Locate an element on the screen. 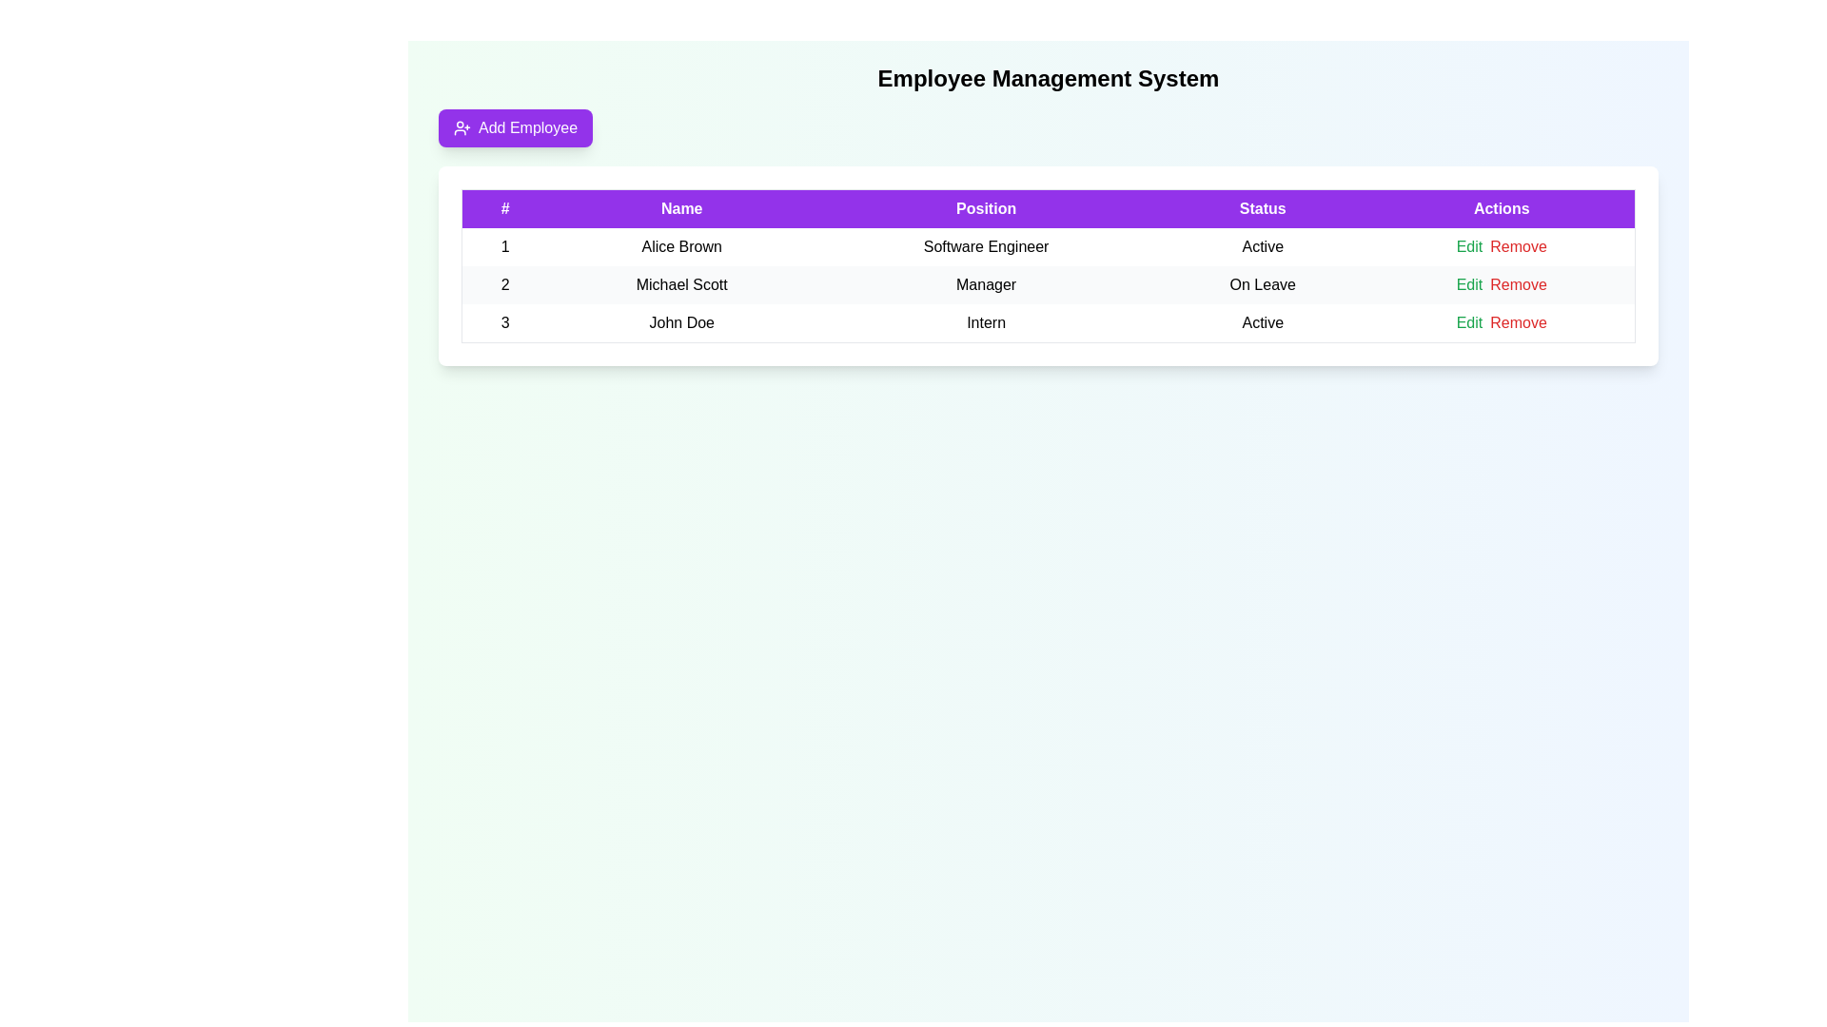 This screenshot has width=1827, height=1027. the 'Remove' link in the last row of the table under the 'Actions' column is located at coordinates (1518, 321).